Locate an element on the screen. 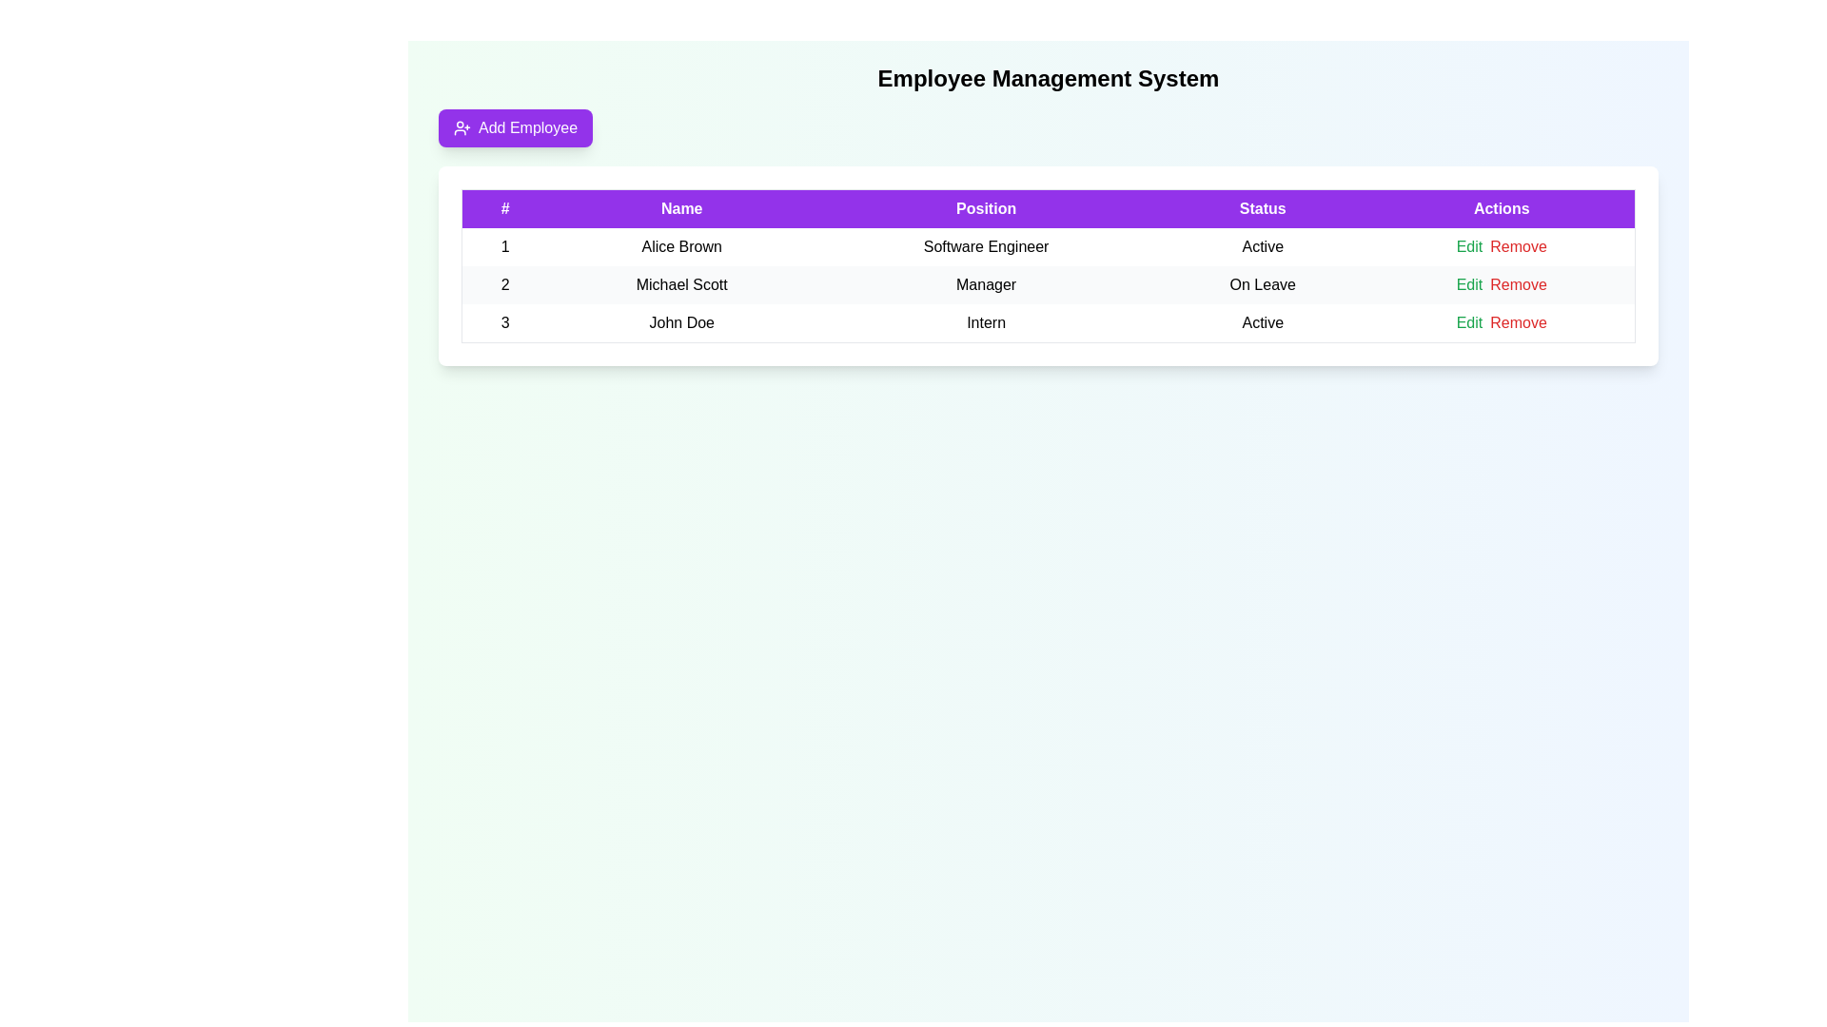 This screenshot has width=1827, height=1027. the 'Remove' link in the last row of the table under the 'Actions' column is located at coordinates (1518, 321).